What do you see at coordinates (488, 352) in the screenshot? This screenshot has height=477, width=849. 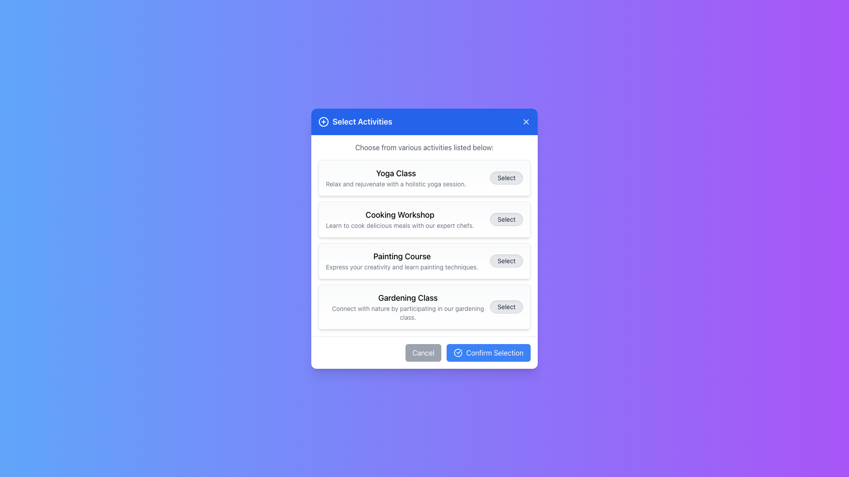 I see `the 'Confirm Selection' button, which is a rectangular button with rounded corners, a blue background, and white text, located in the bottom-right of a modal dialog, immediately to the right of the 'Cancel' button` at bounding box center [488, 352].